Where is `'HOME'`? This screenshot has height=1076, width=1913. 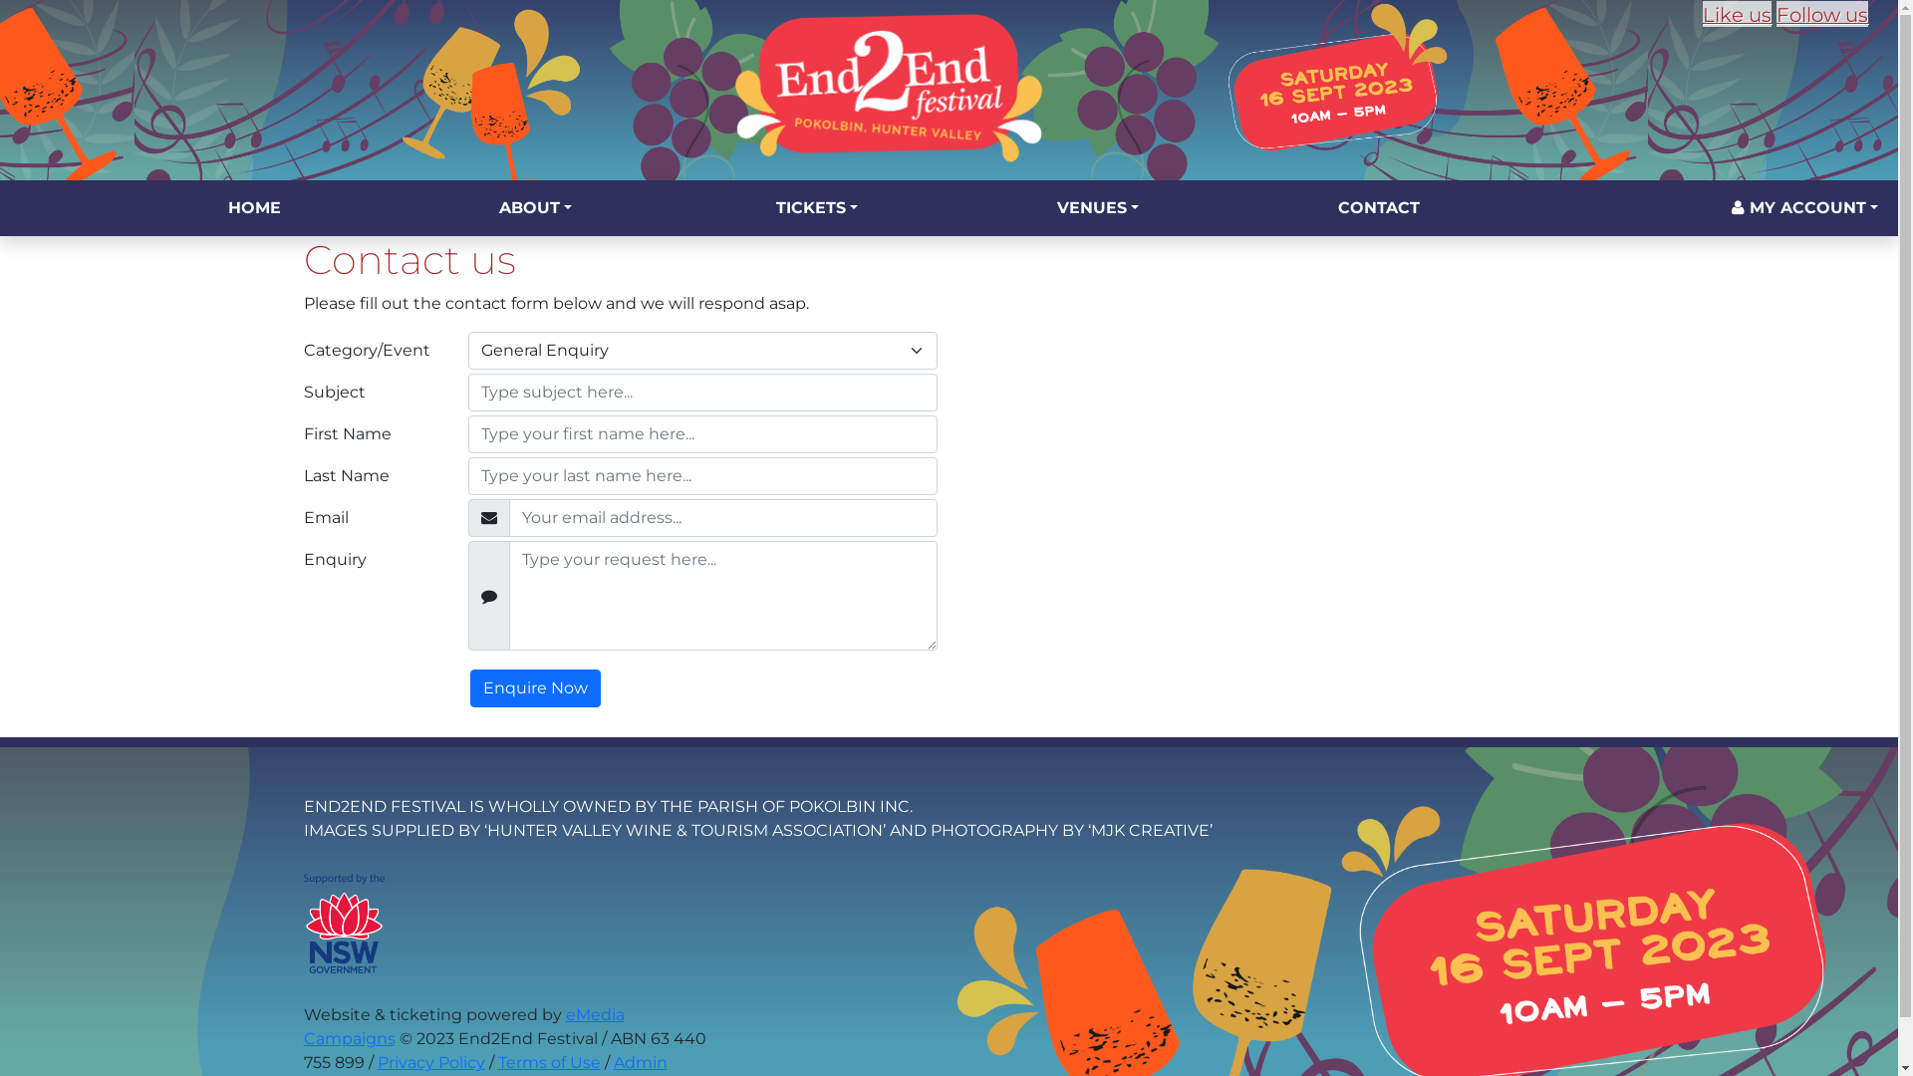
'HOME' is located at coordinates (252, 207).